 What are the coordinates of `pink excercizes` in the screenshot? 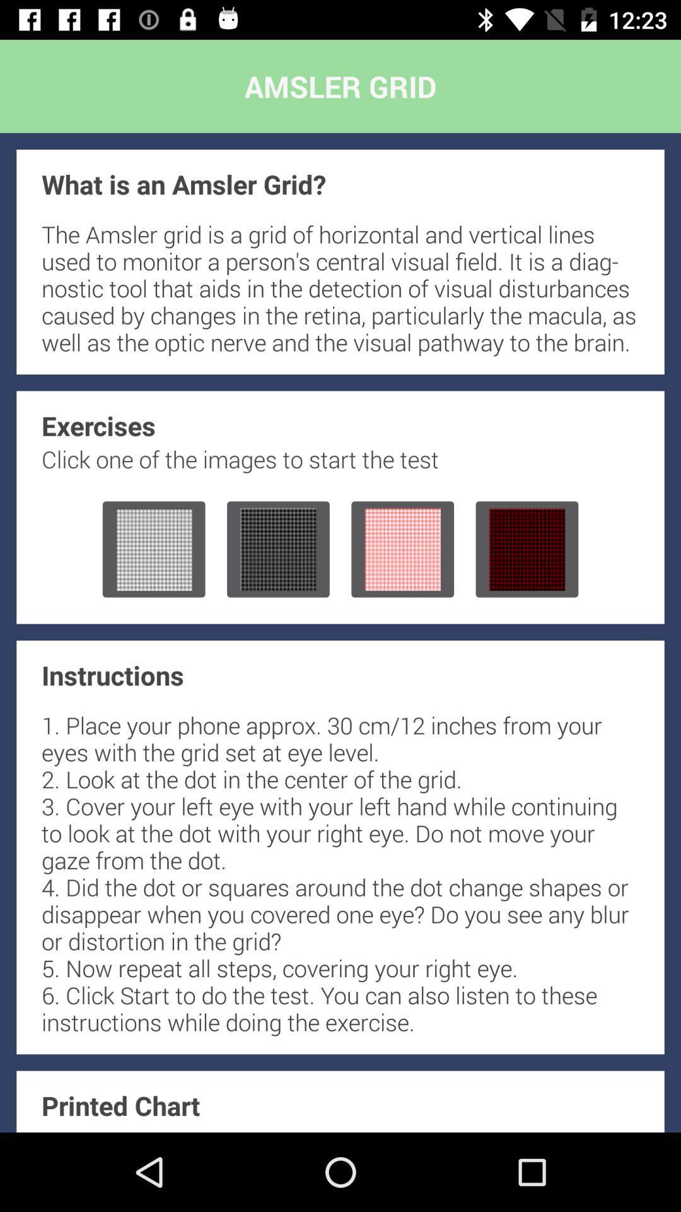 It's located at (402, 549).